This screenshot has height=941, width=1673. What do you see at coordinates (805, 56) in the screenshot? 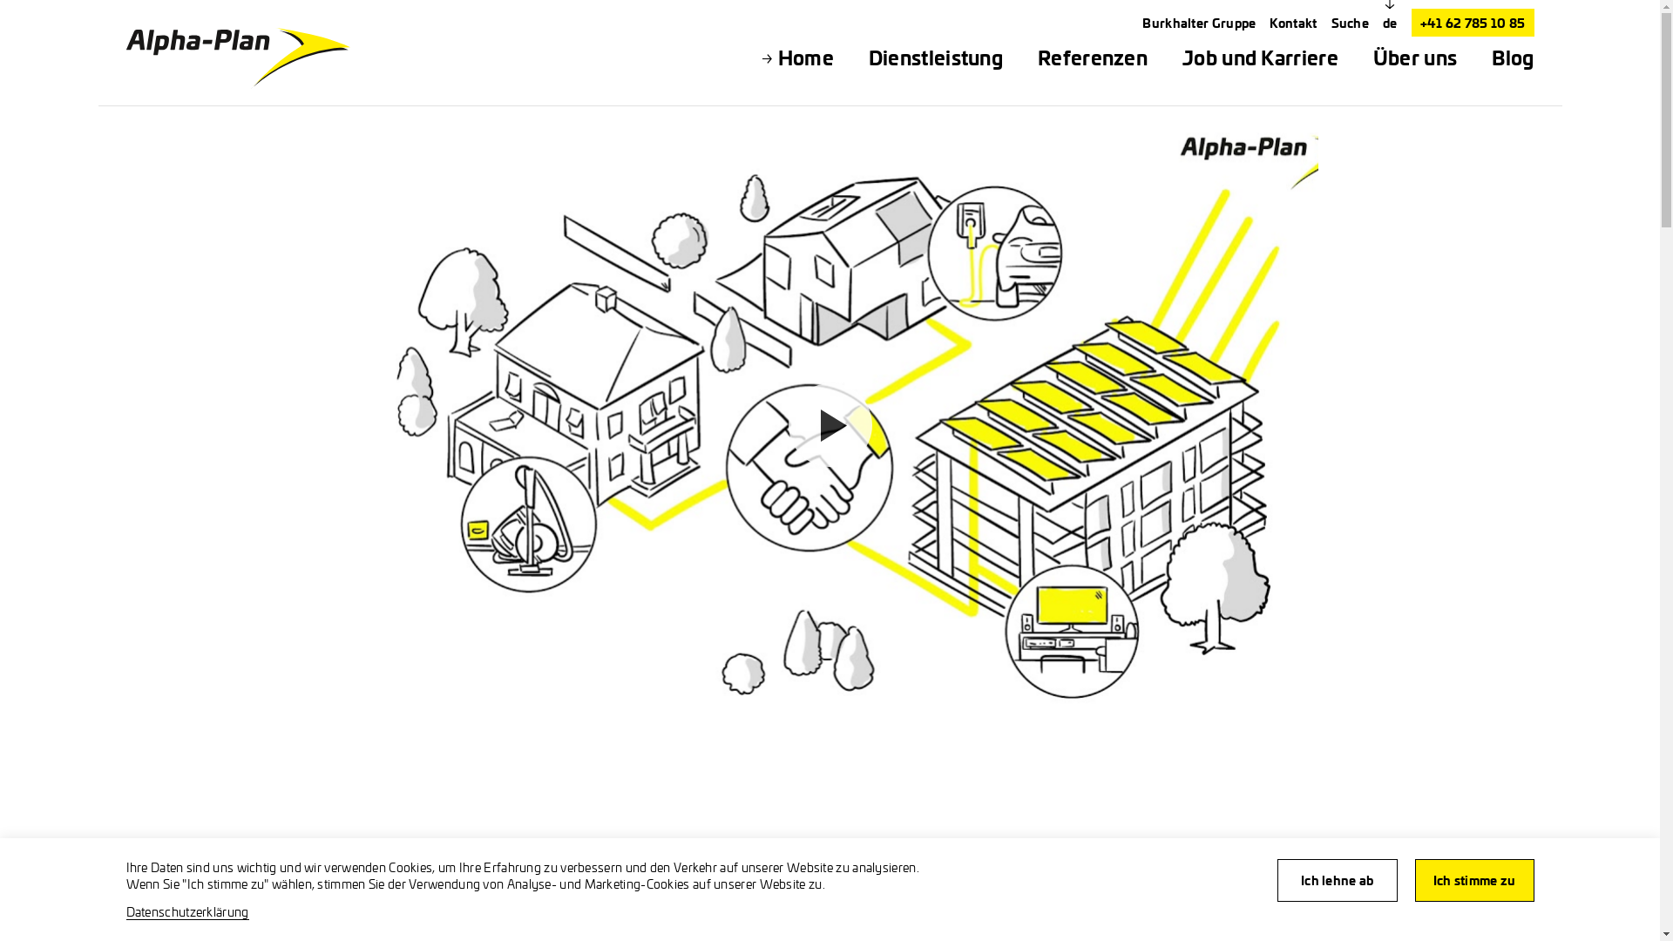
I see `'Home'` at bounding box center [805, 56].